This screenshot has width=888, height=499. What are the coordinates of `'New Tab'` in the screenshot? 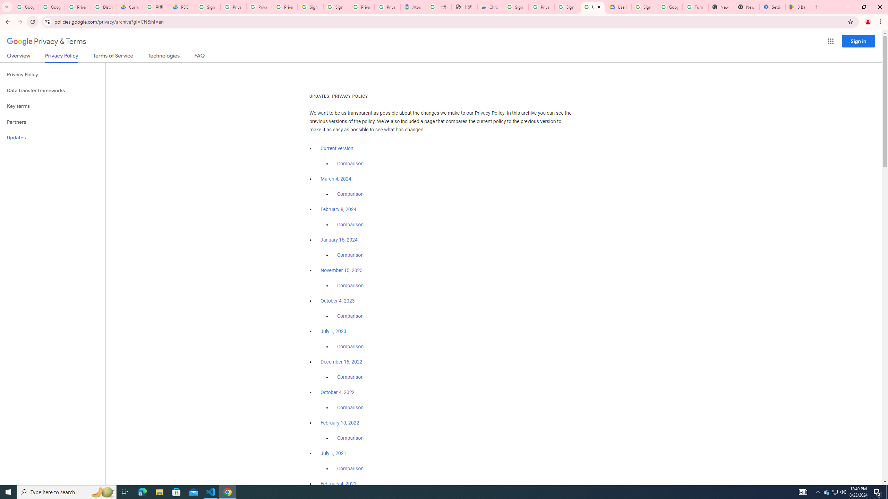 It's located at (746, 7).